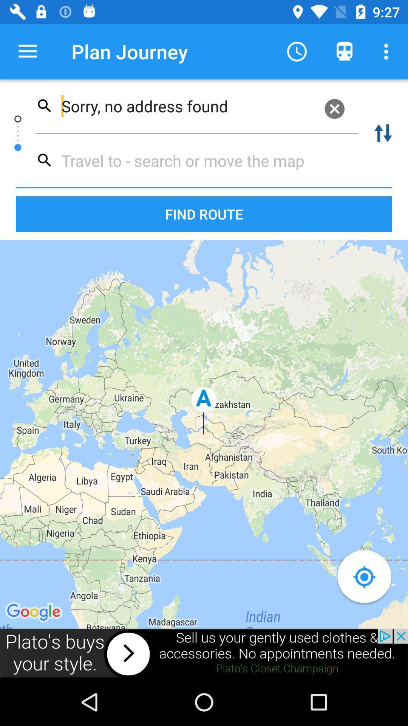  I want to click on destination name, so click(193, 160).